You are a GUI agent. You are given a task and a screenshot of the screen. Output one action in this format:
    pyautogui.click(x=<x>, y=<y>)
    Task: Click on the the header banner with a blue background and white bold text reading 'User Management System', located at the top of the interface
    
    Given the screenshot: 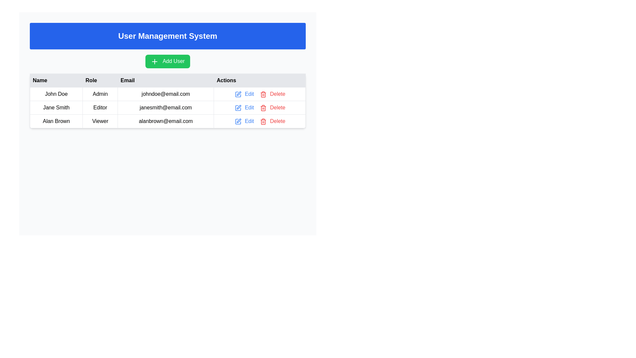 What is the action you would take?
    pyautogui.click(x=168, y=36)
    